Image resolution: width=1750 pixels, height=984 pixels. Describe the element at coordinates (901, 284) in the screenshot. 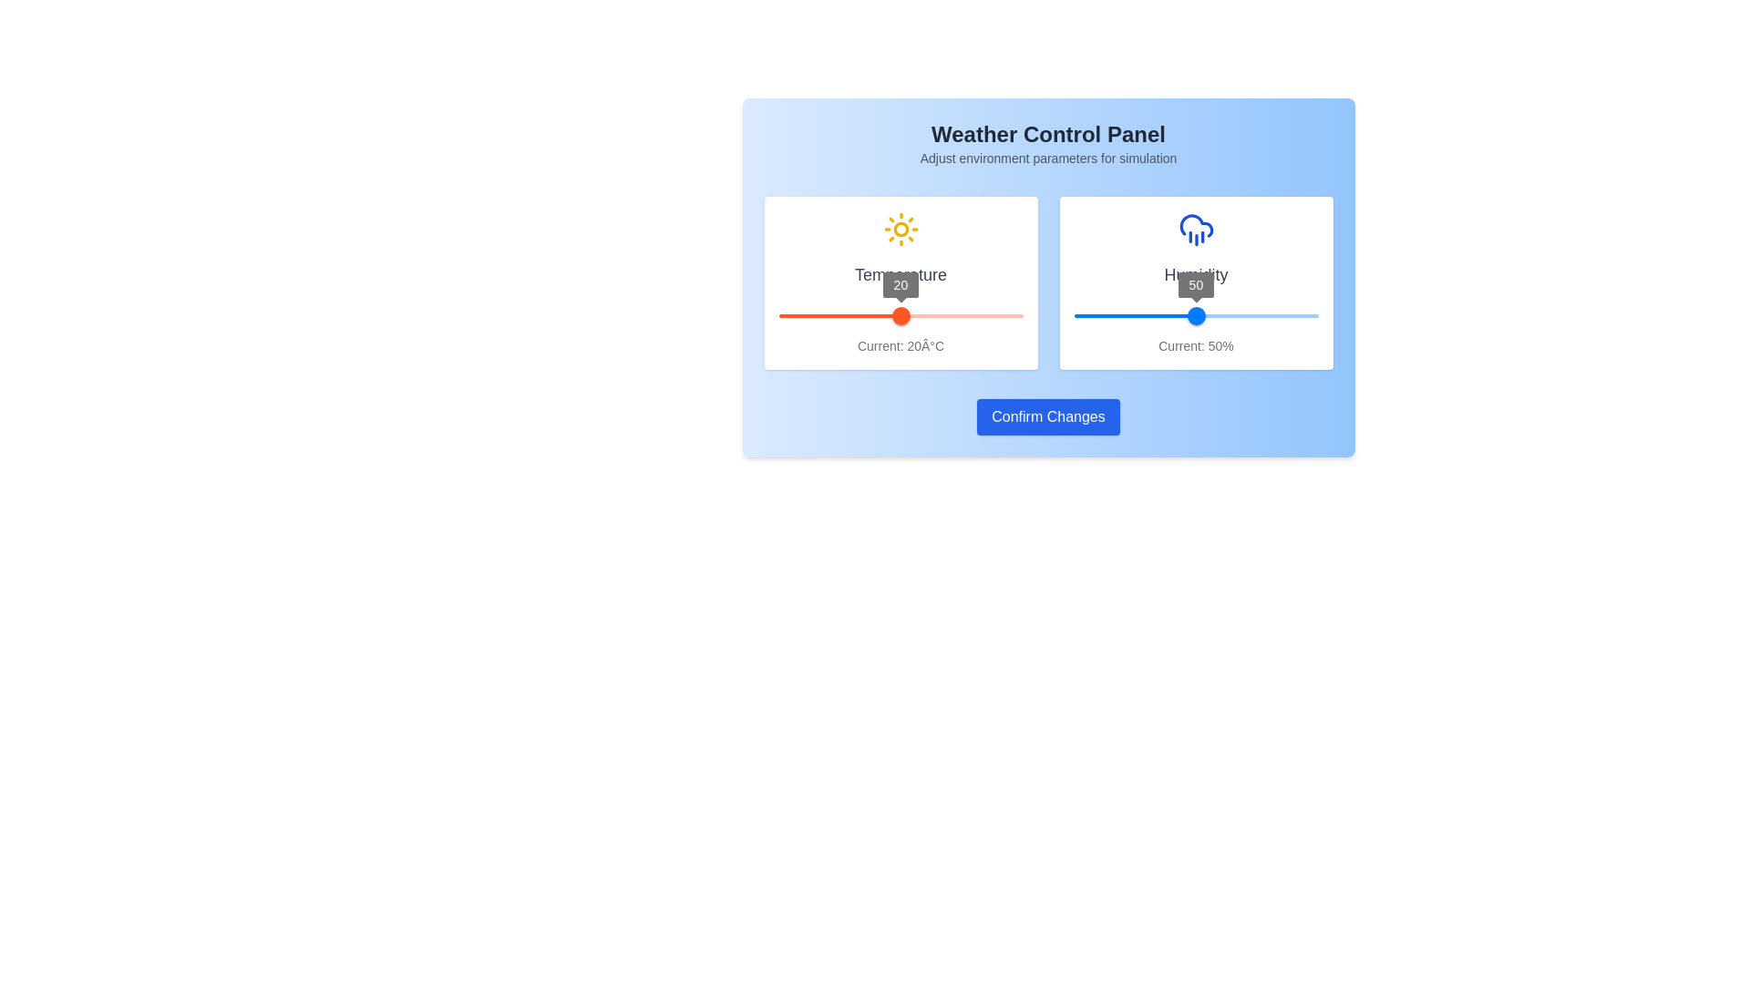

I see `the circular label displaying the number '20' in white text on a dark gray background, which is located above the orange slider of the 'Temperature' control on the left side of the central panel` at that location.